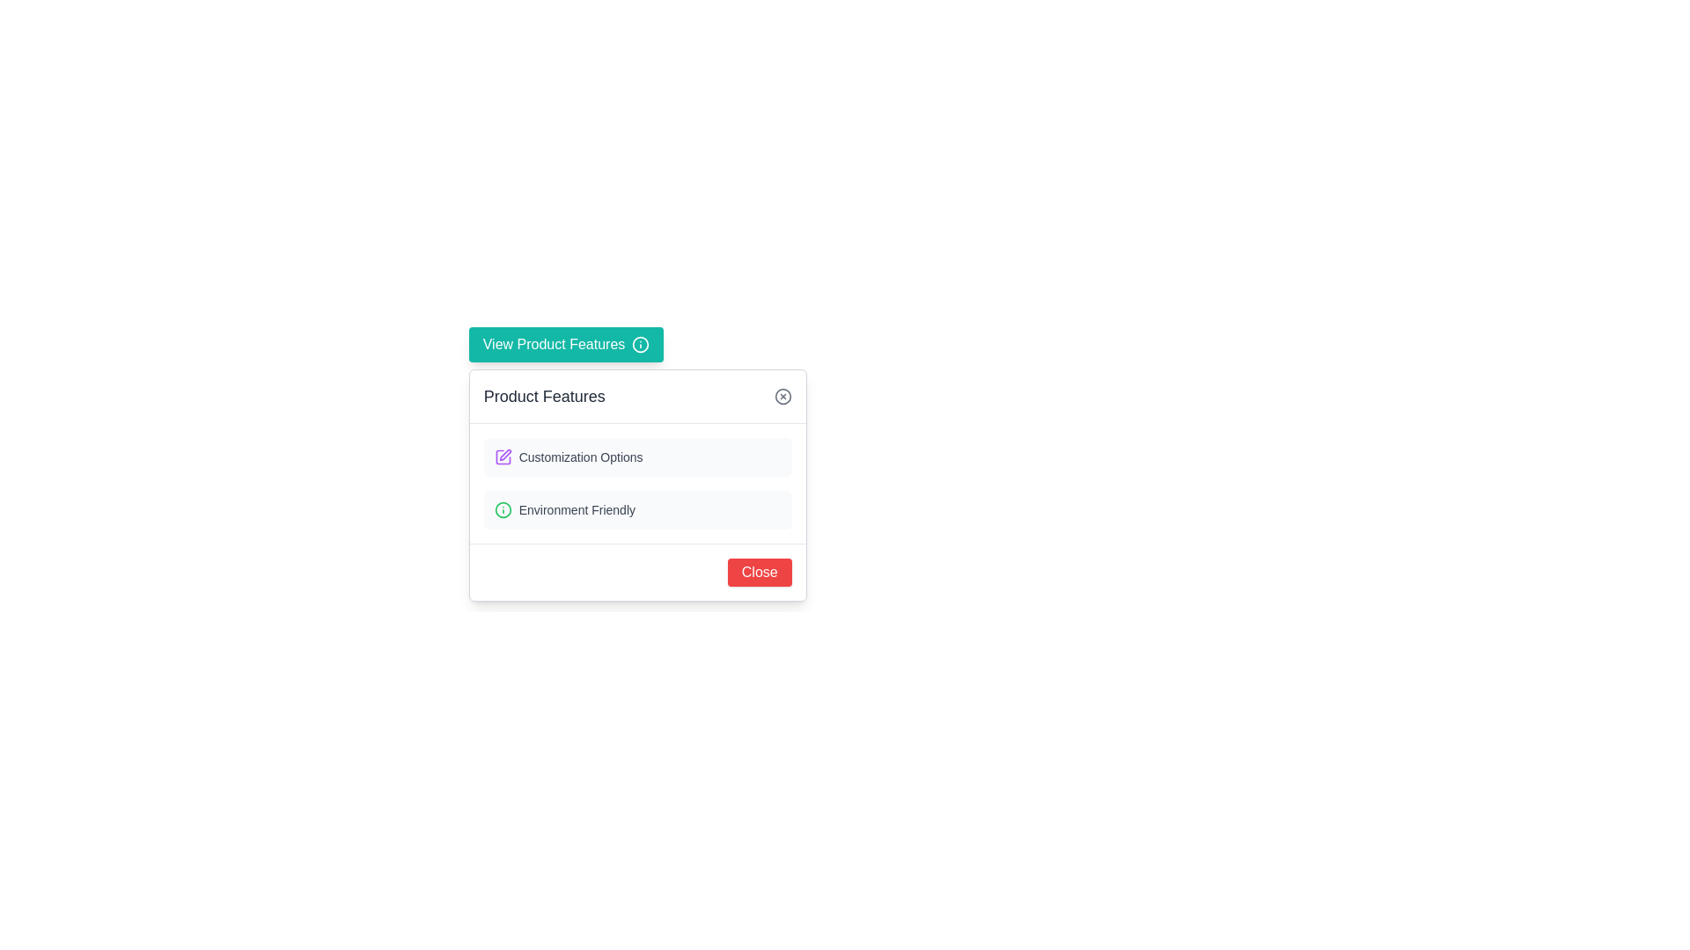 Image resolution: width=1690 pixels, height=950 pixels. Describe the element at coordinates (782, 397) in the screenshot. I see `decorative circular outline component located in the top-right corner of the 'Product Features' popup window` at that location.